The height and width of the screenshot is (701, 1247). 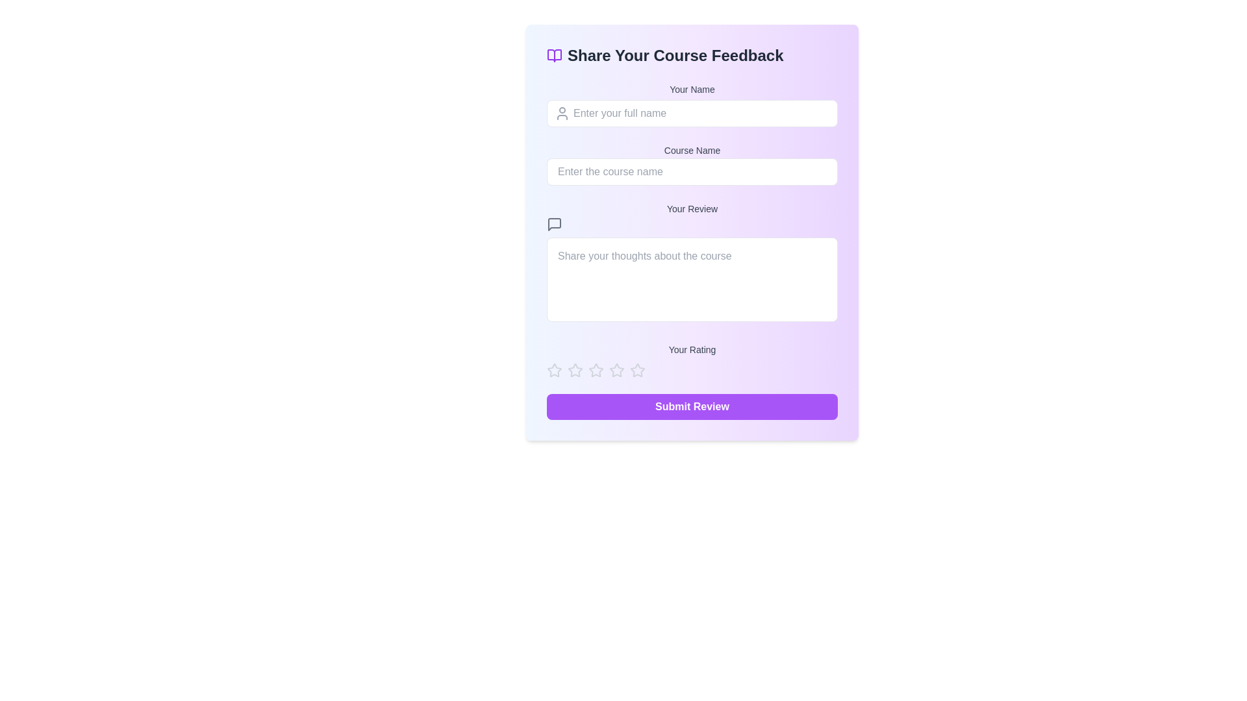 What do you see at coordinates (691, 55) in the screenshot?
I see `the heading element that serves as the title for the feedback form` at bounding box center [691, 55].